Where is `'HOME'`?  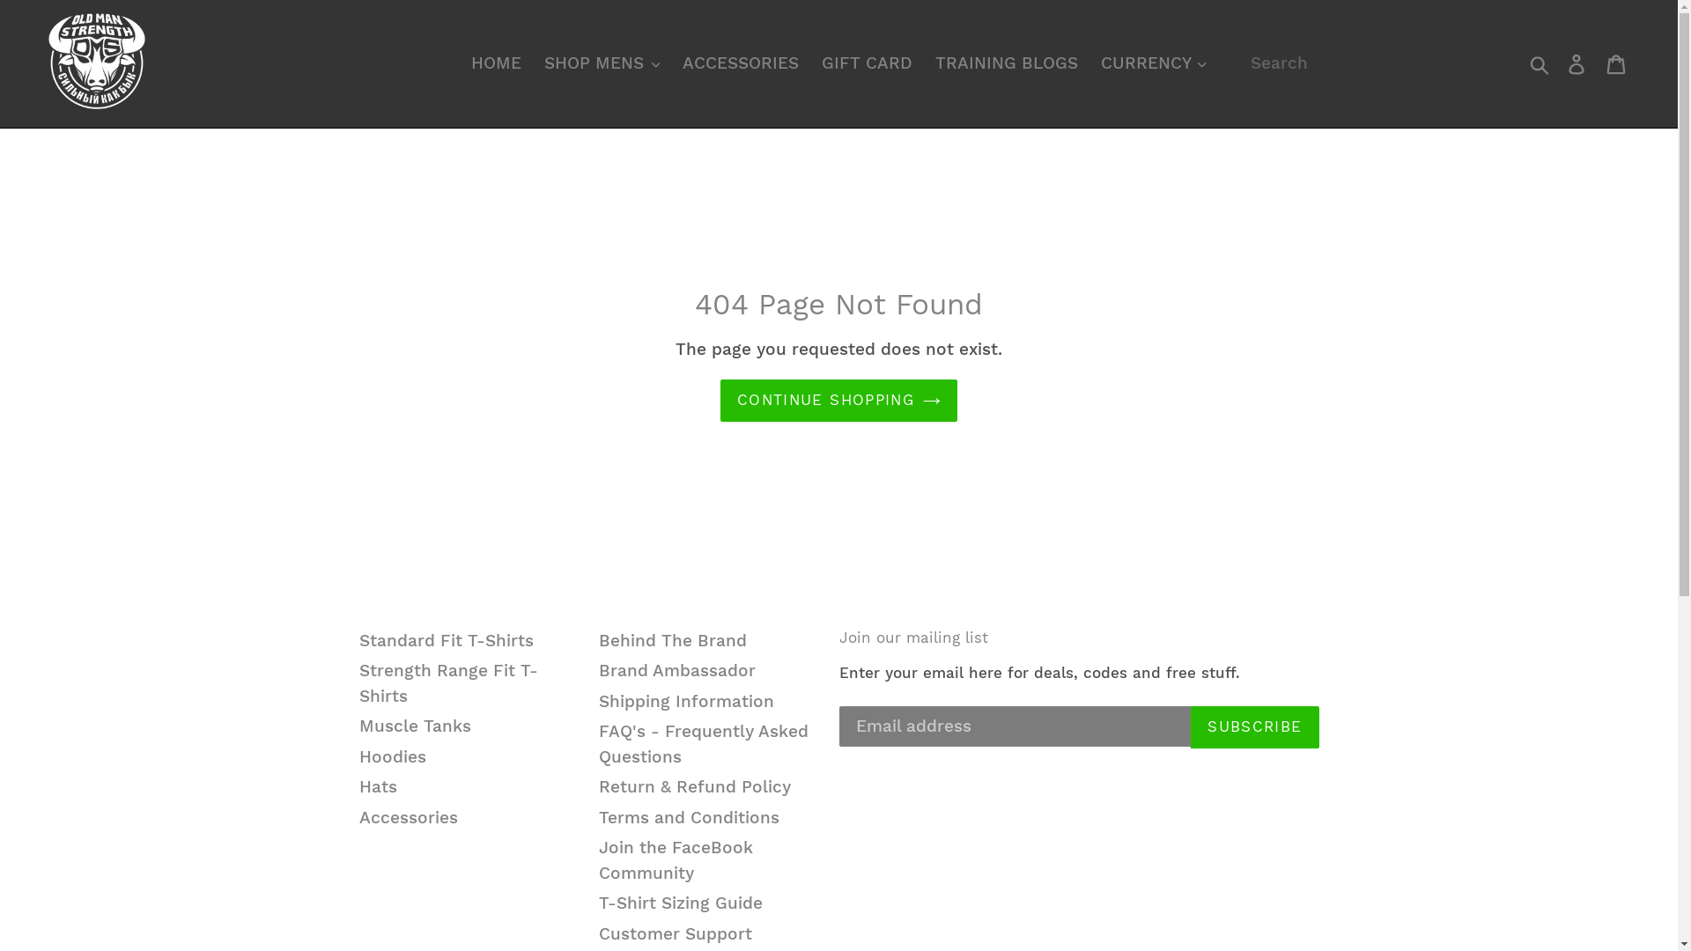 'HOME' is located at coordinates (495, 63).